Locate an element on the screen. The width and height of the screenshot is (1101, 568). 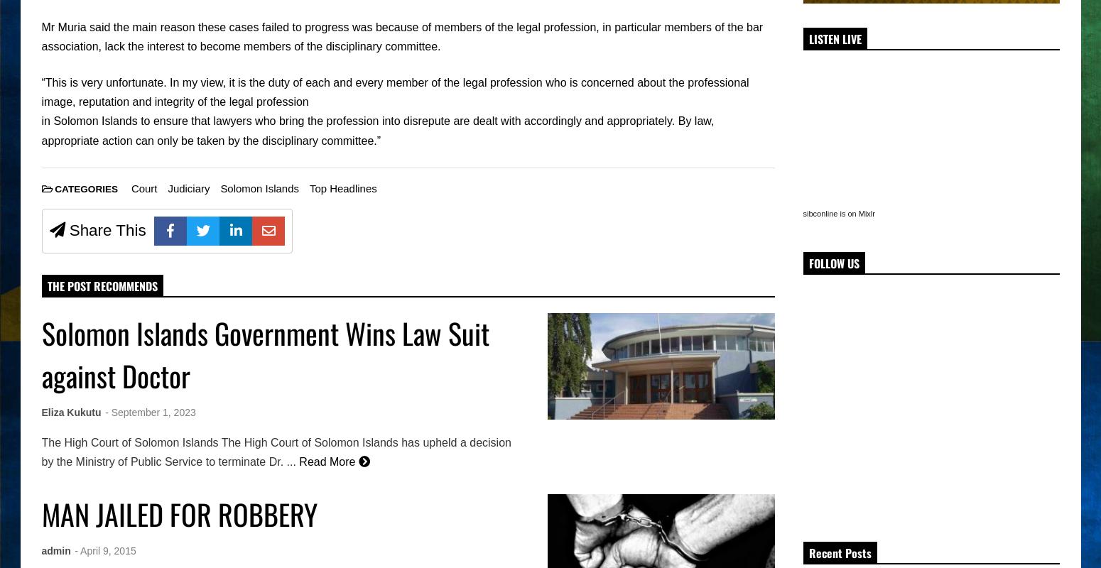
'“This is very unfortunate. In my view, it is the duty of each and every member of the legal profession who is concerned about the professional image, reputation and integrity of the legal profession' is located at coordinates (394, 92).